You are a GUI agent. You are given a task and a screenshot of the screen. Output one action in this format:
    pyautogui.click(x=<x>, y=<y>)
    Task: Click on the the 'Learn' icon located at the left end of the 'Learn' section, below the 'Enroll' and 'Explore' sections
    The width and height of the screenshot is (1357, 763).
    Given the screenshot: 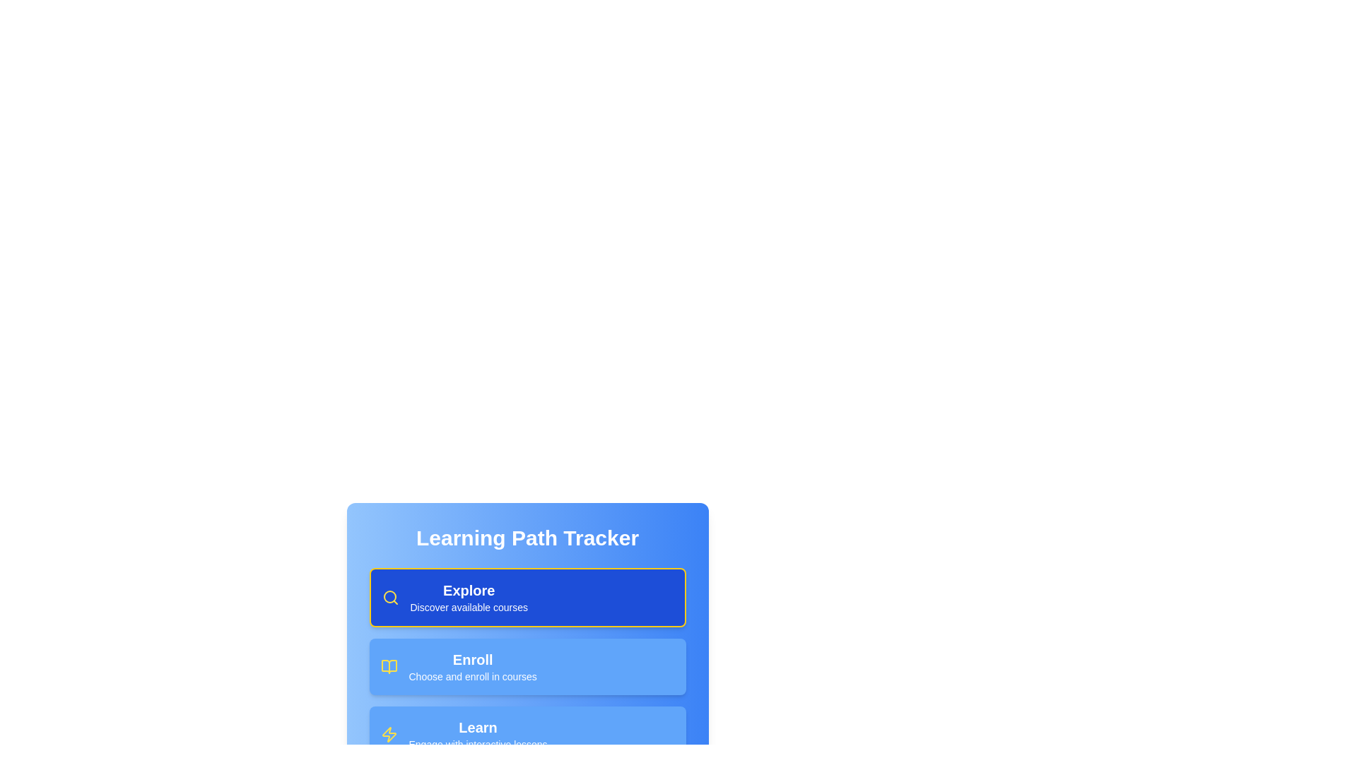 What is the action you would take?
    pyautogui.click(x=389, y=734)
    